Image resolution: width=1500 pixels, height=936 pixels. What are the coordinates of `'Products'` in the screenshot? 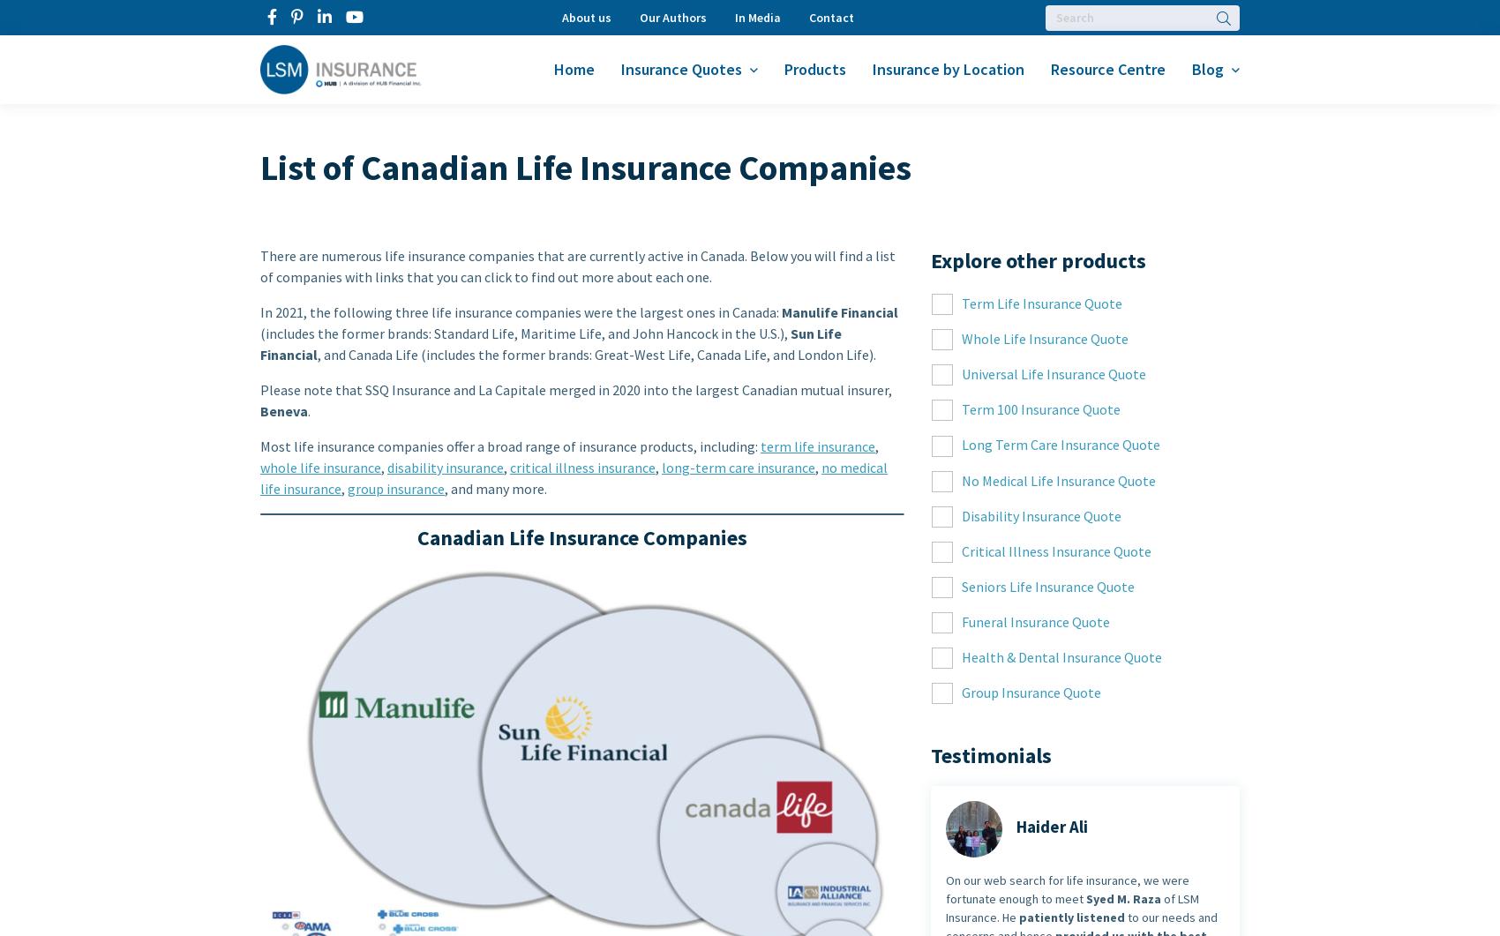 It's located at (784, 69).